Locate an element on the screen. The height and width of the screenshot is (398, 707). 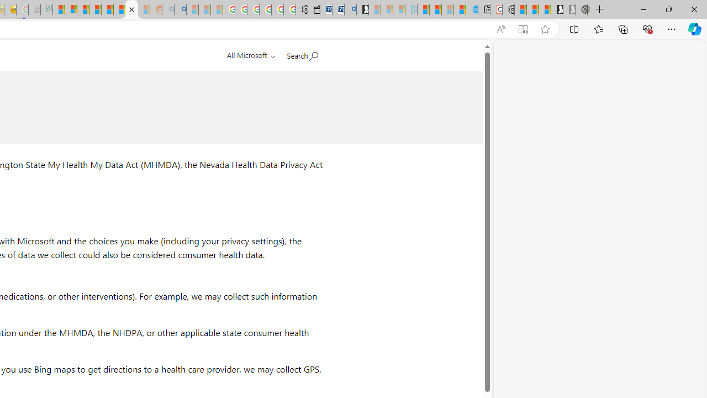
'Consumer Health Data Privacy Policy' is located at coordinates (131, 9).